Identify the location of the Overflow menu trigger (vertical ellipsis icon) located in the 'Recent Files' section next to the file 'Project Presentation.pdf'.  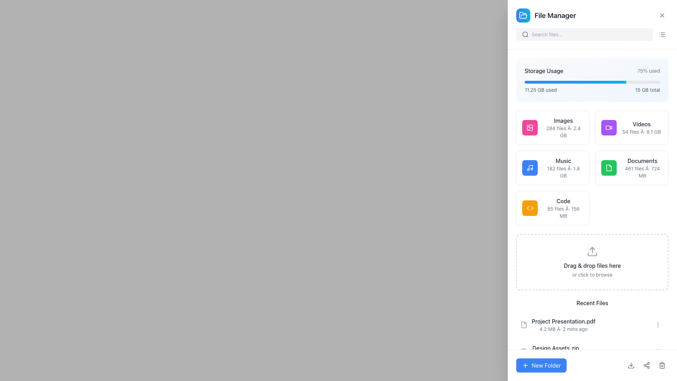
(658, 325).